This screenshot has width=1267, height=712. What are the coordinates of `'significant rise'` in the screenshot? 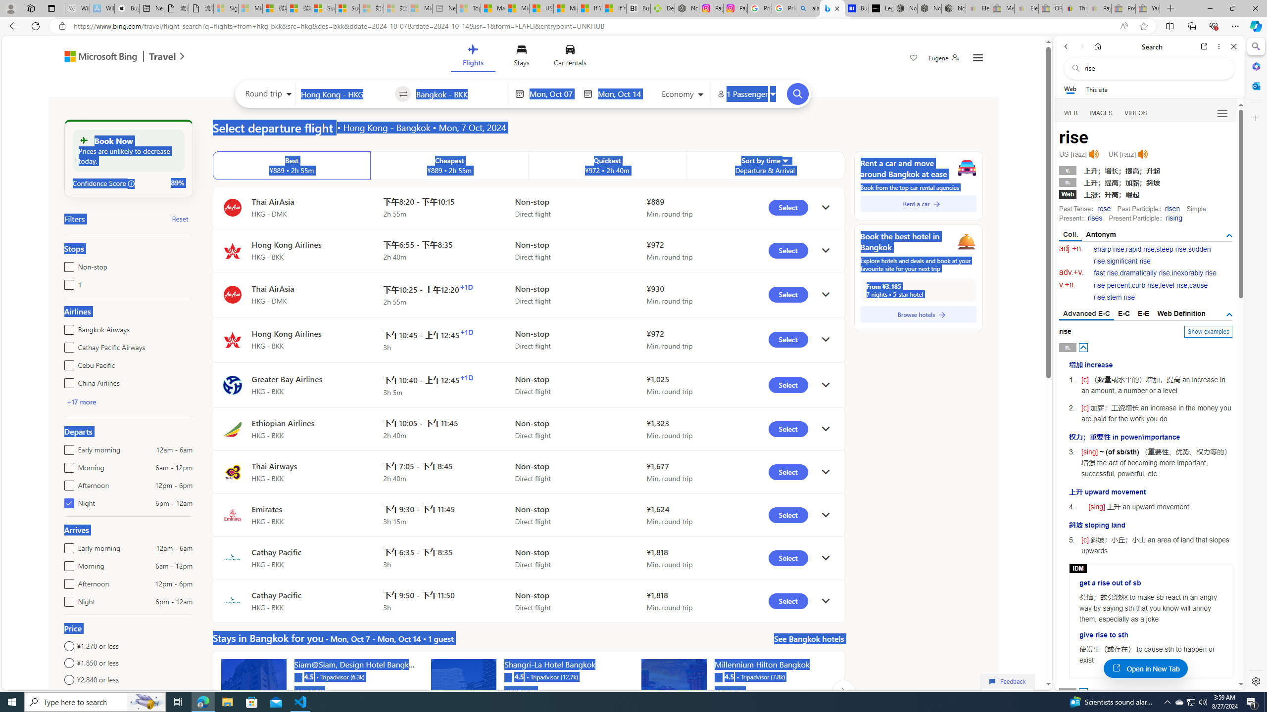 It's located at (1127, 261).